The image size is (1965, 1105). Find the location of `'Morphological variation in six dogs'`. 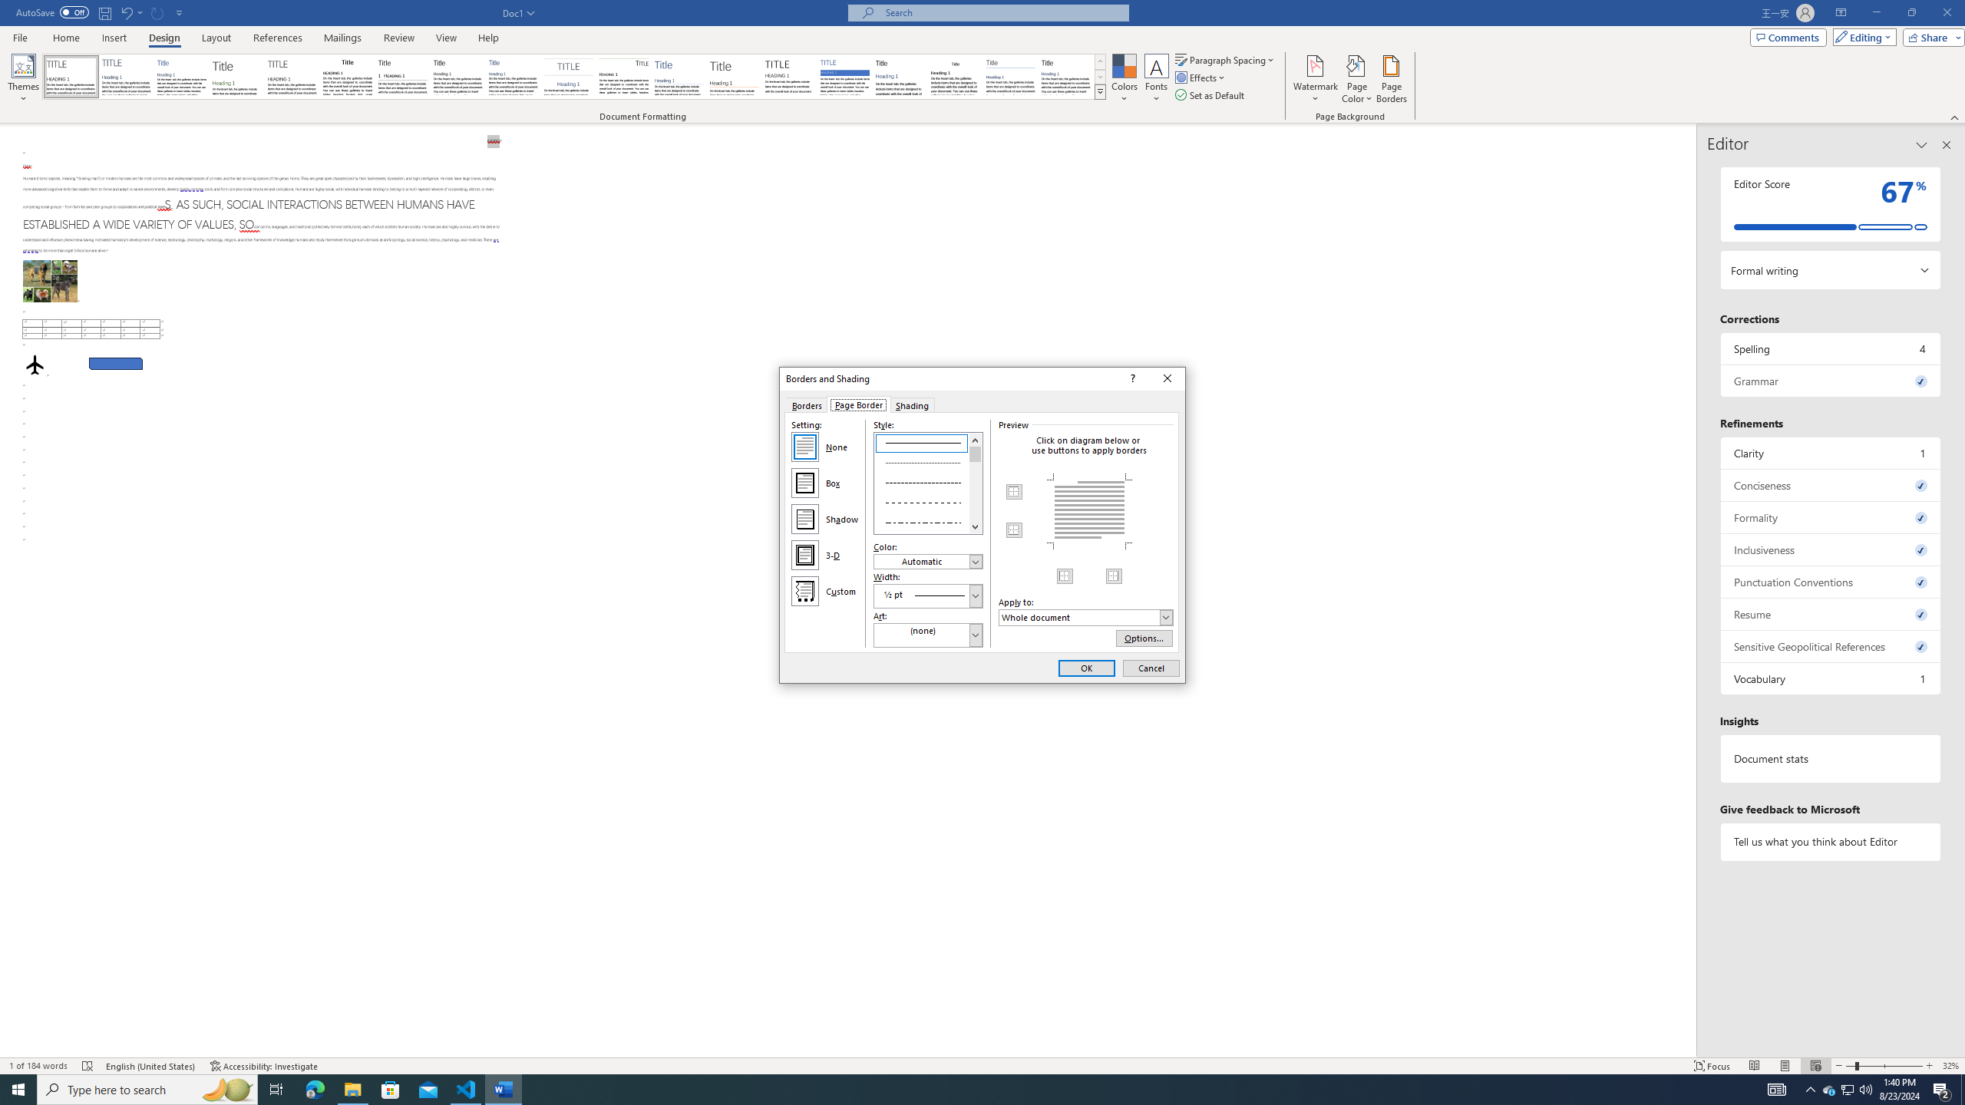

'Morphological variation in six dogs' is located at coordinates (50, 280).